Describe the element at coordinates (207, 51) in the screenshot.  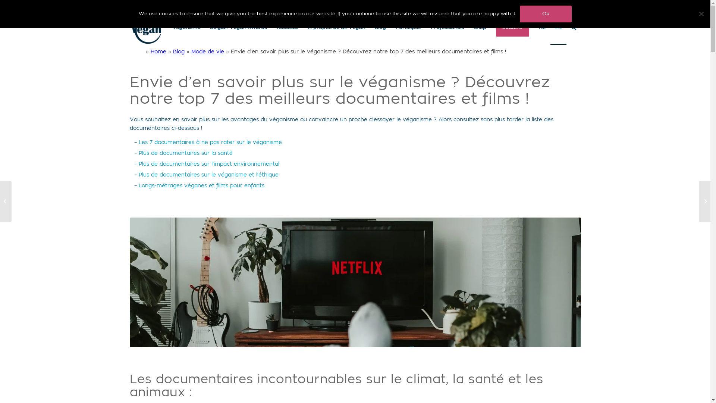
I see `'Mode de vie'` at that location.